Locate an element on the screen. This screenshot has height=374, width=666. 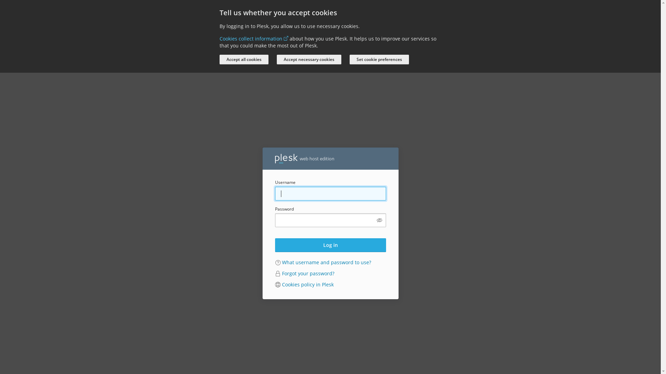
'Cookies policy in Plesk' is located at coordinates (307, 284).